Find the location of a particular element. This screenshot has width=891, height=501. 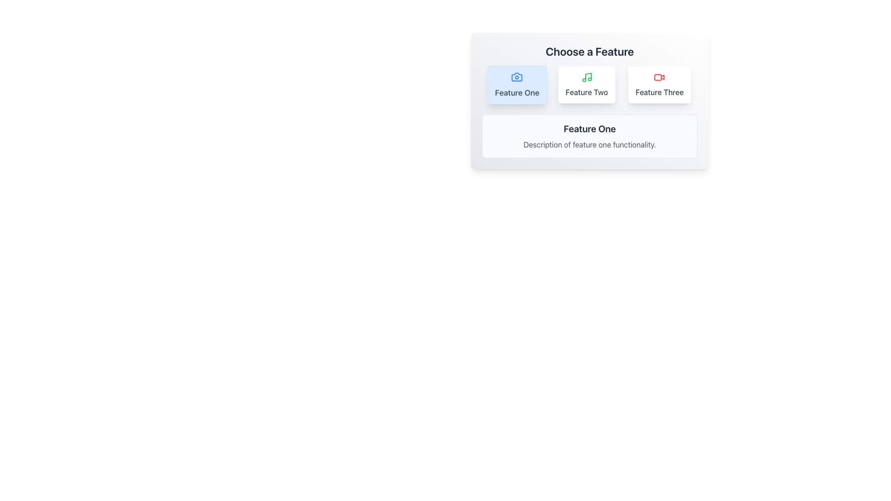

the interactive button for 'Feature Two' to trigger a tooltip or styling change is located at coordinates (586, 84).